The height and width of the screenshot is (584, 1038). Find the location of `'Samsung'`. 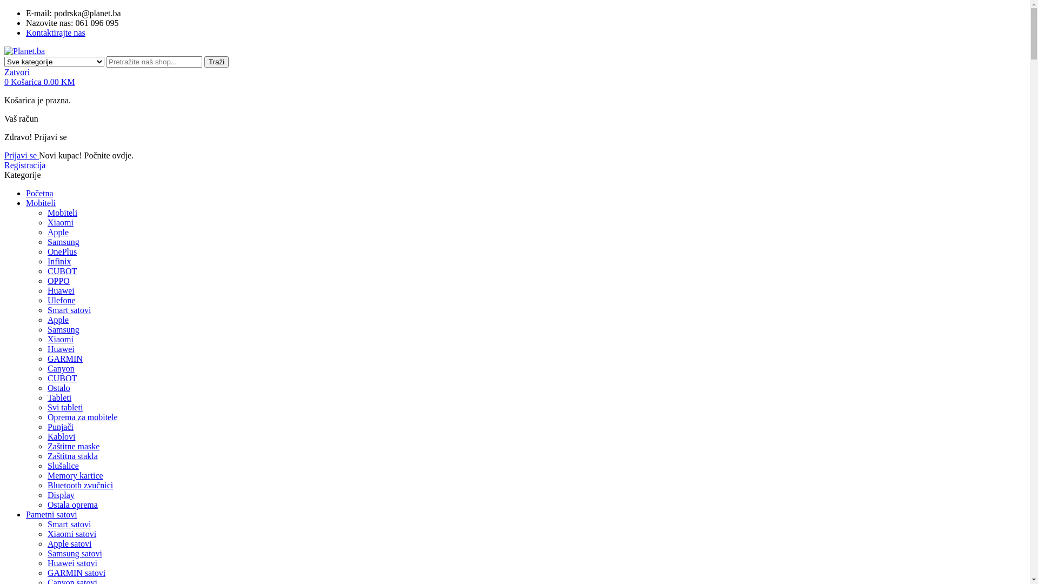

'Samsung' is located at coordinates (63, 241).